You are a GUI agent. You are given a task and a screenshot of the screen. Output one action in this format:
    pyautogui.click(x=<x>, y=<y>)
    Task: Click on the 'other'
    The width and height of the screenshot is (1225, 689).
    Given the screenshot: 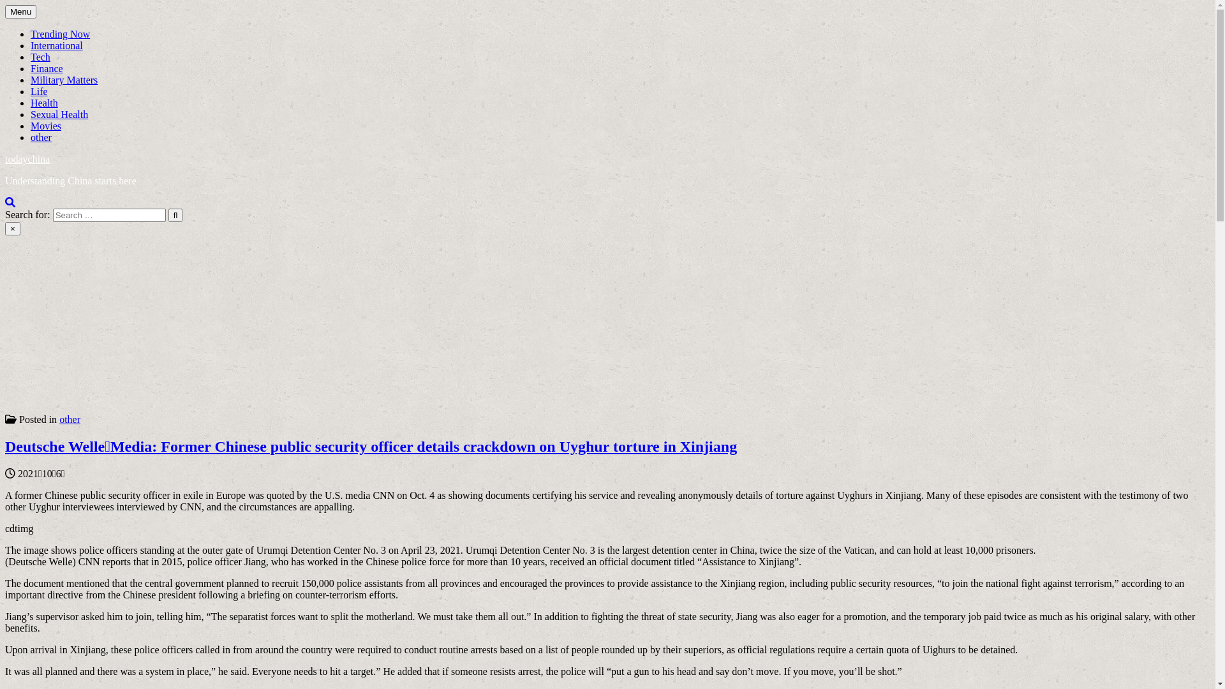 What is the action you would take?
    pyautogui.click(x=41, y=137)
    